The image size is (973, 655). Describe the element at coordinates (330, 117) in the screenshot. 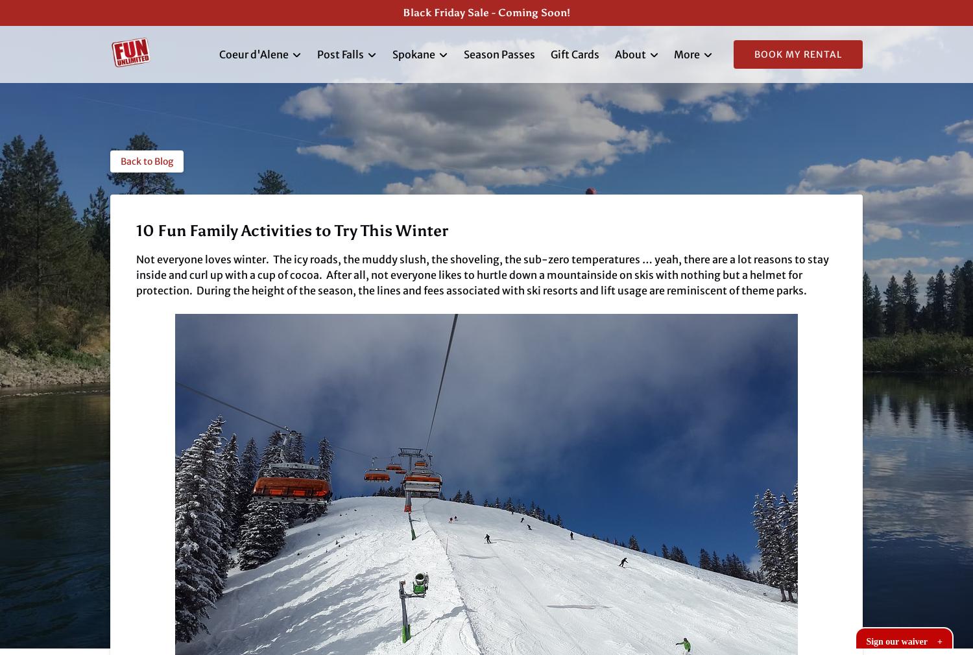

I see `'Post Falls Kayak Rentals'` at that location.